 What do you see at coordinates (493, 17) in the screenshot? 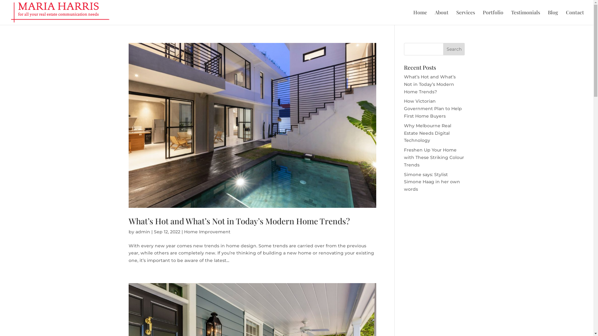
I see `'Portfolio'` at bounding box center [493, 17].